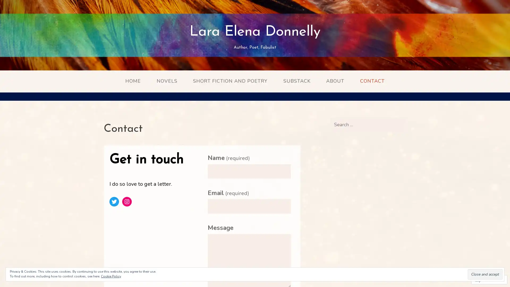 This screenshot has height=287, width=510. Describe the element at coordinates (485, 274) in the screenshot. I see `Close and accept` at that location.